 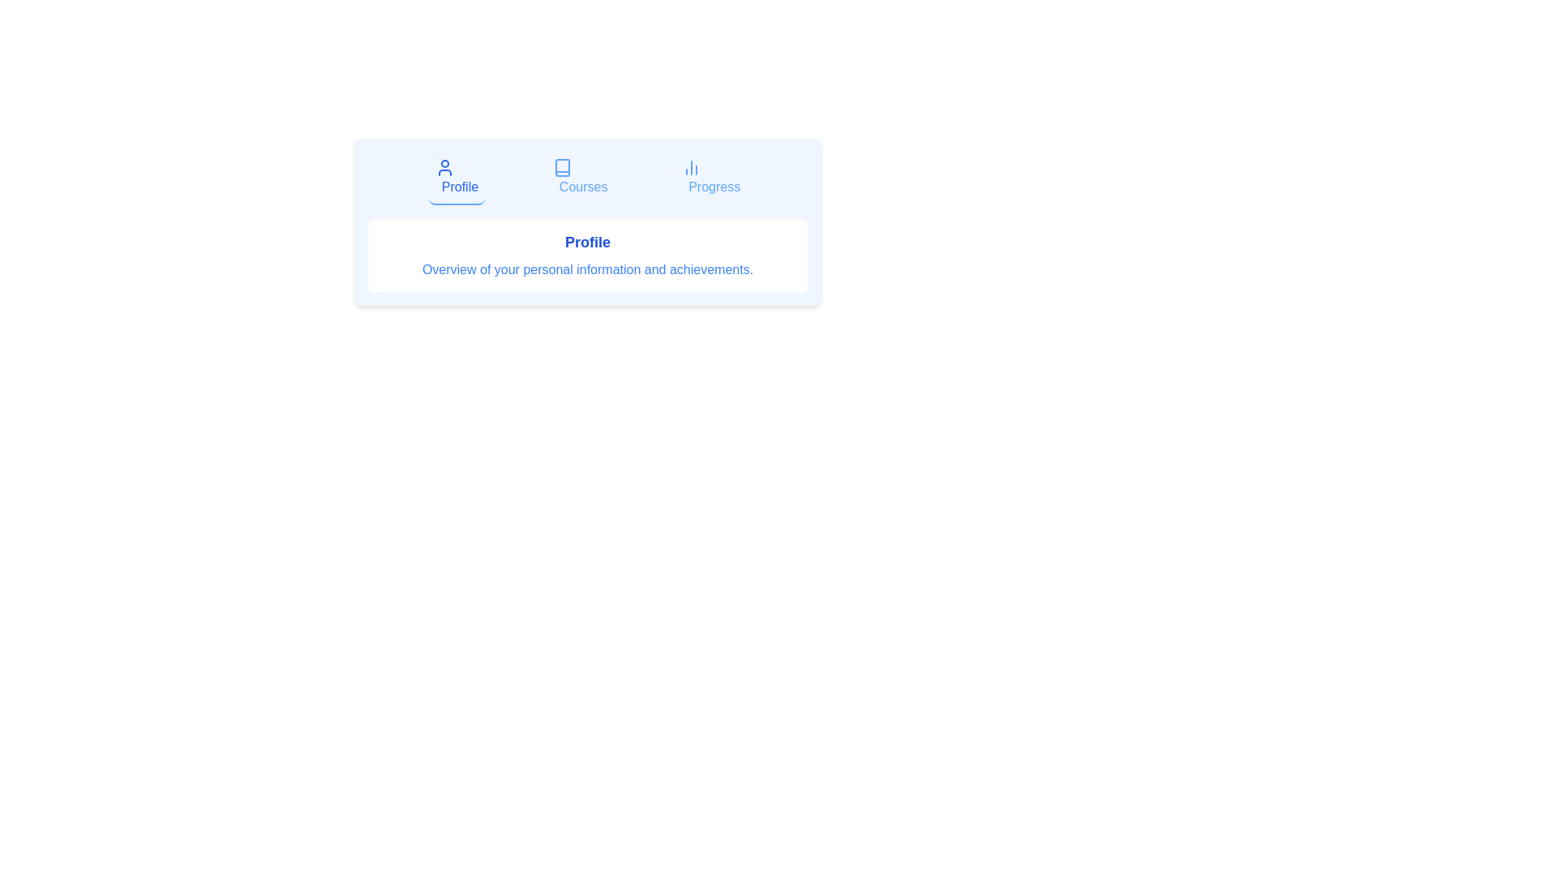 I want to click on the tab labeled Courses to switch to that tab, so click(x=580, y=178).